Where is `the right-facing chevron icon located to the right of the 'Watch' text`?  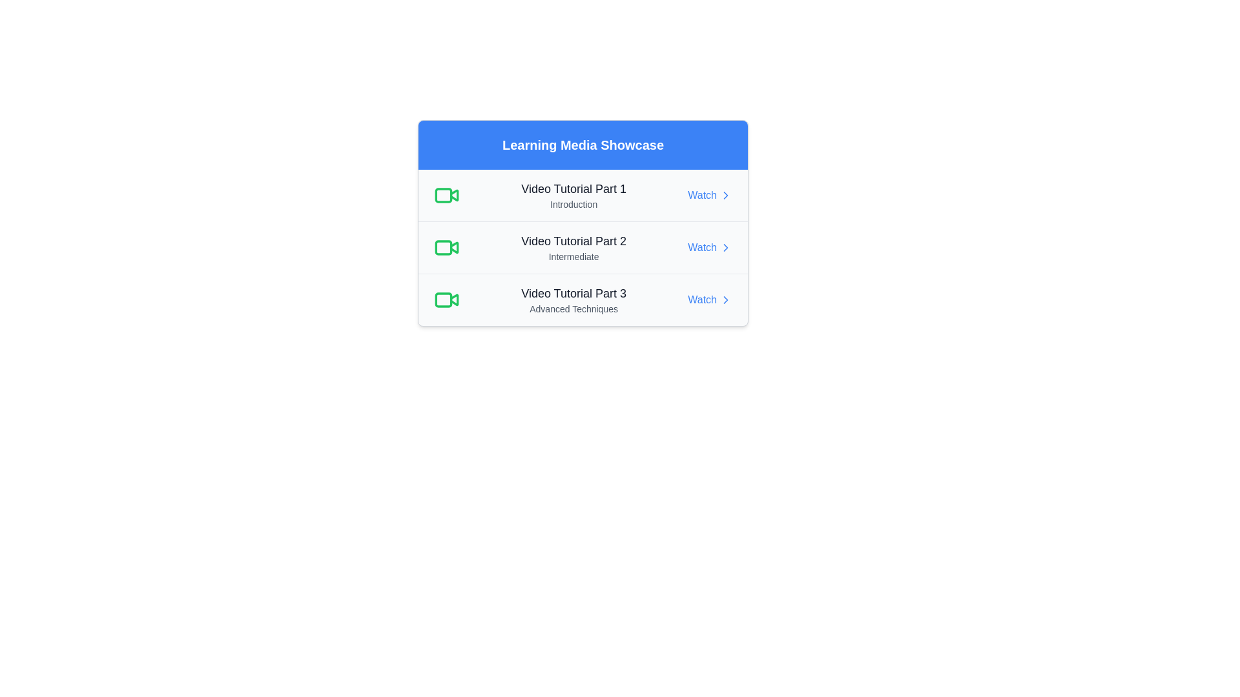 the right-facing chevron icon located to the right of the 'Watch' text is located at coordinates (725, 300).